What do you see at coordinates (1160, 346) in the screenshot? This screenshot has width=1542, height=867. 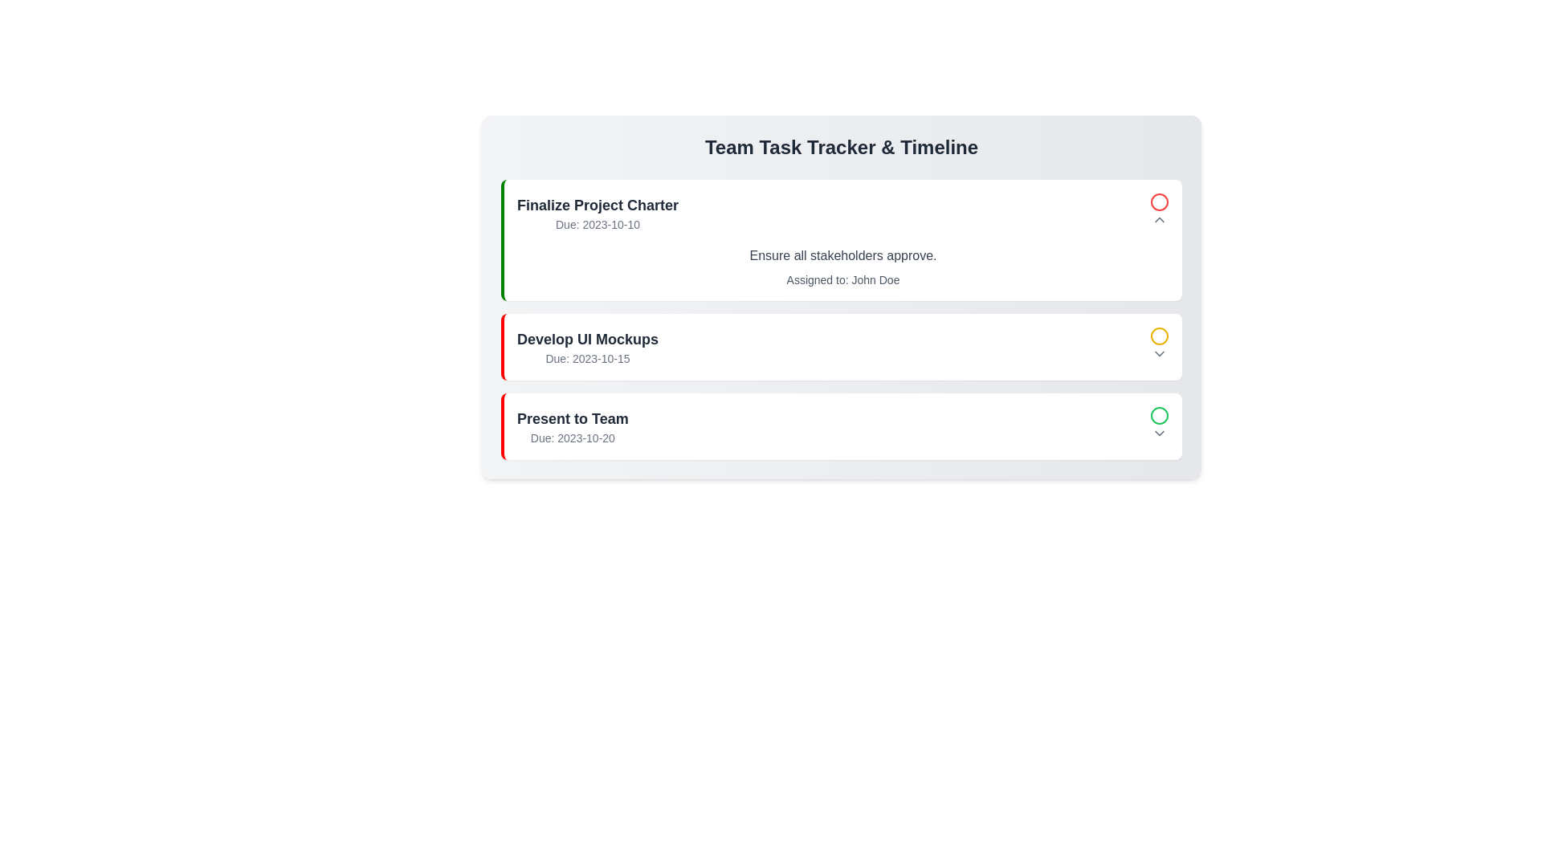 I see `the combined status marker and interactive dropdown-like element, which consists of an upward-facing yellow circle and a downward-facing gray triangle, located to the right of the text 'Due: 2023-10-15' in the 'Develop UI Mockups' row` at bounding box center [1160, 346].